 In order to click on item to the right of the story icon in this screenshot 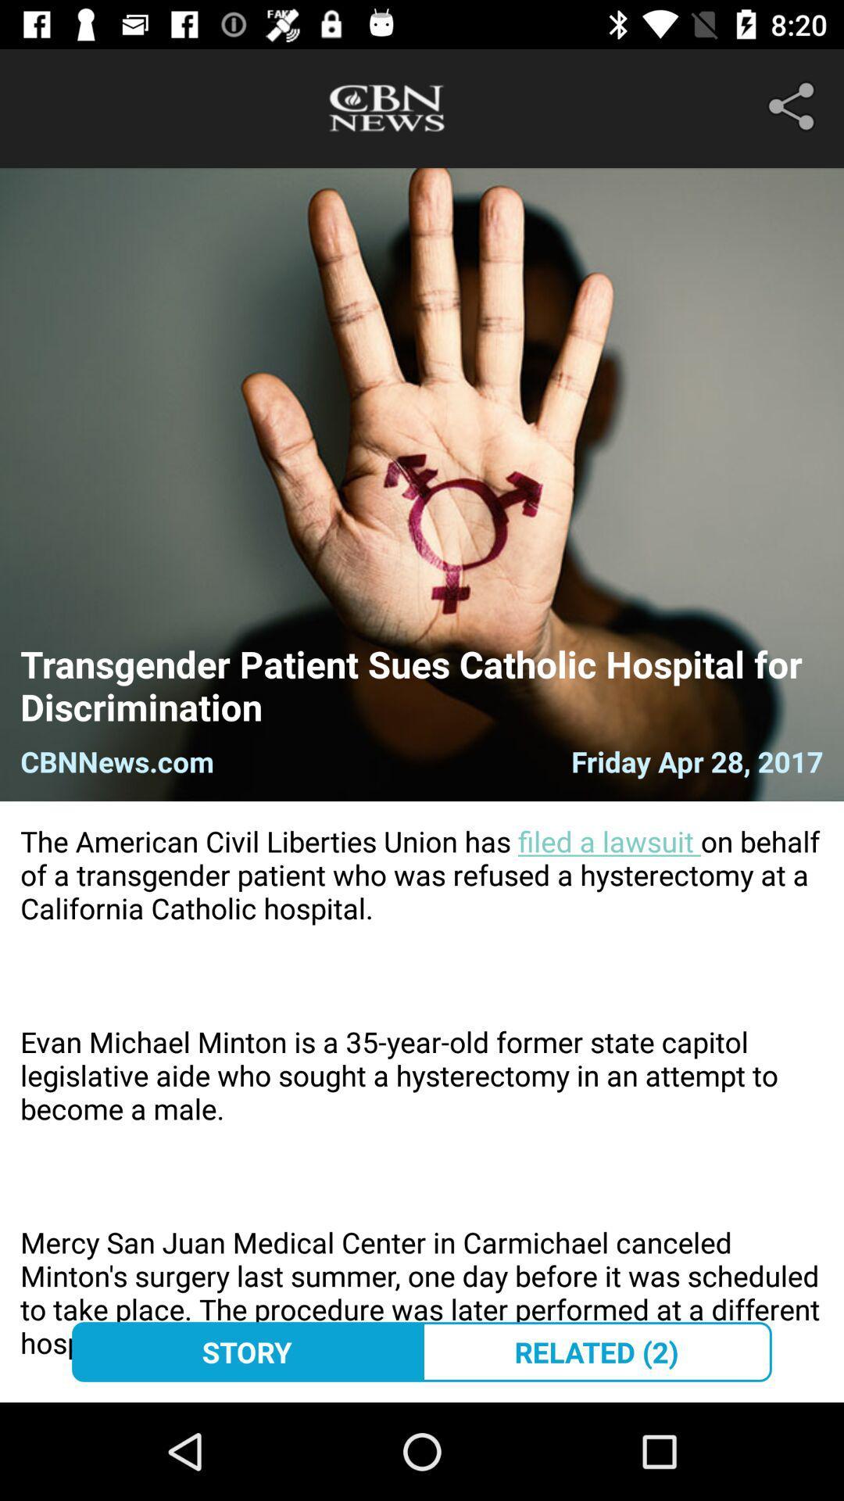, I will do `click(596, 1351)`.